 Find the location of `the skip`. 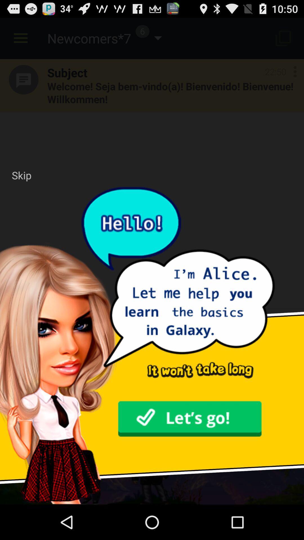

the skip is located at coordinates (21, 175).